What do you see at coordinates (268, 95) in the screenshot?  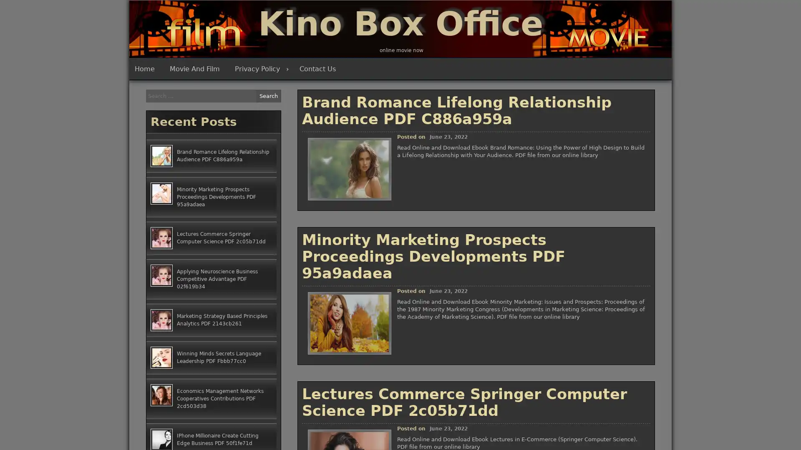 I see `Search` at bounding box center [268, 95].